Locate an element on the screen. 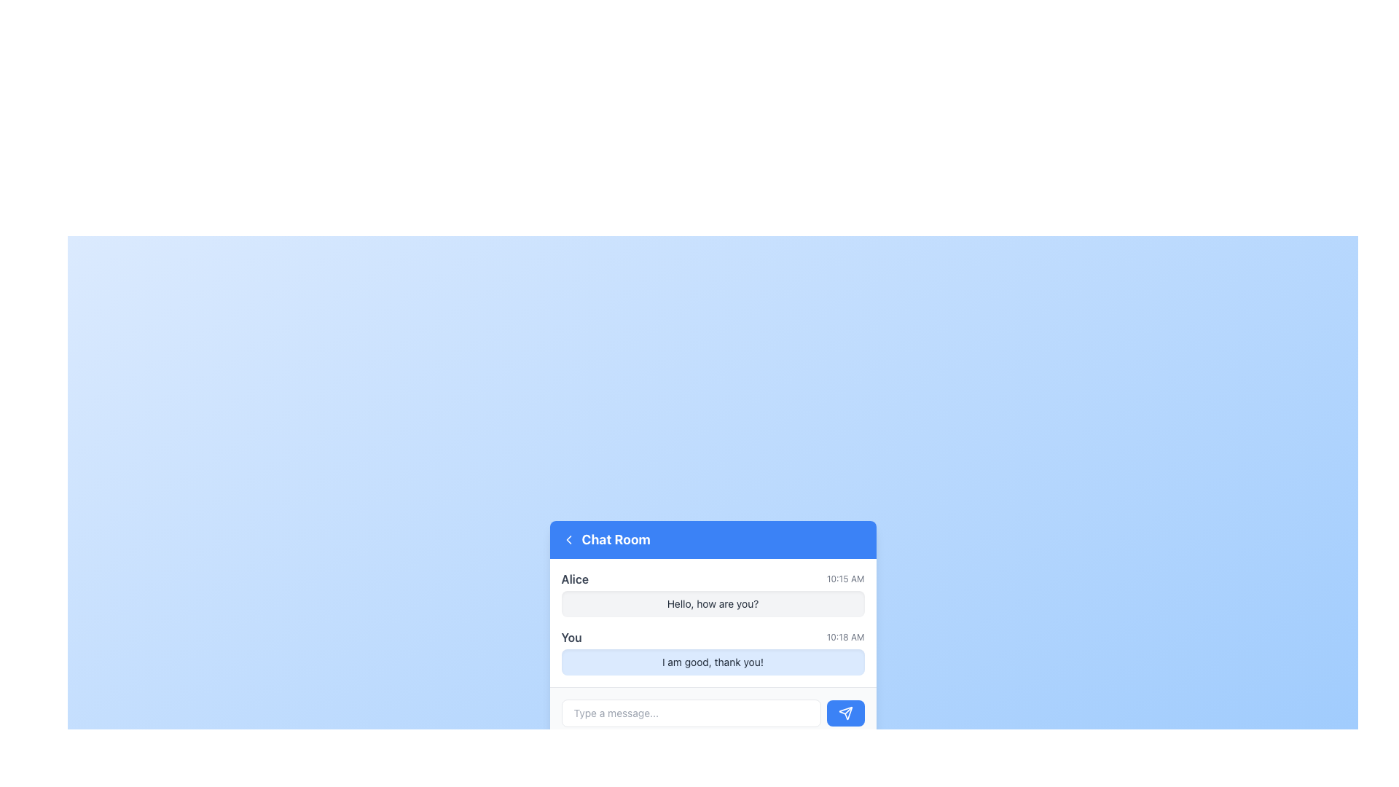 Image resolution: width=1399 pixels, height=787 pixels. text content of the message sender's name displayed in the Text label on the left side of the message header in the chat bubble is located at coordinates (574, 578).